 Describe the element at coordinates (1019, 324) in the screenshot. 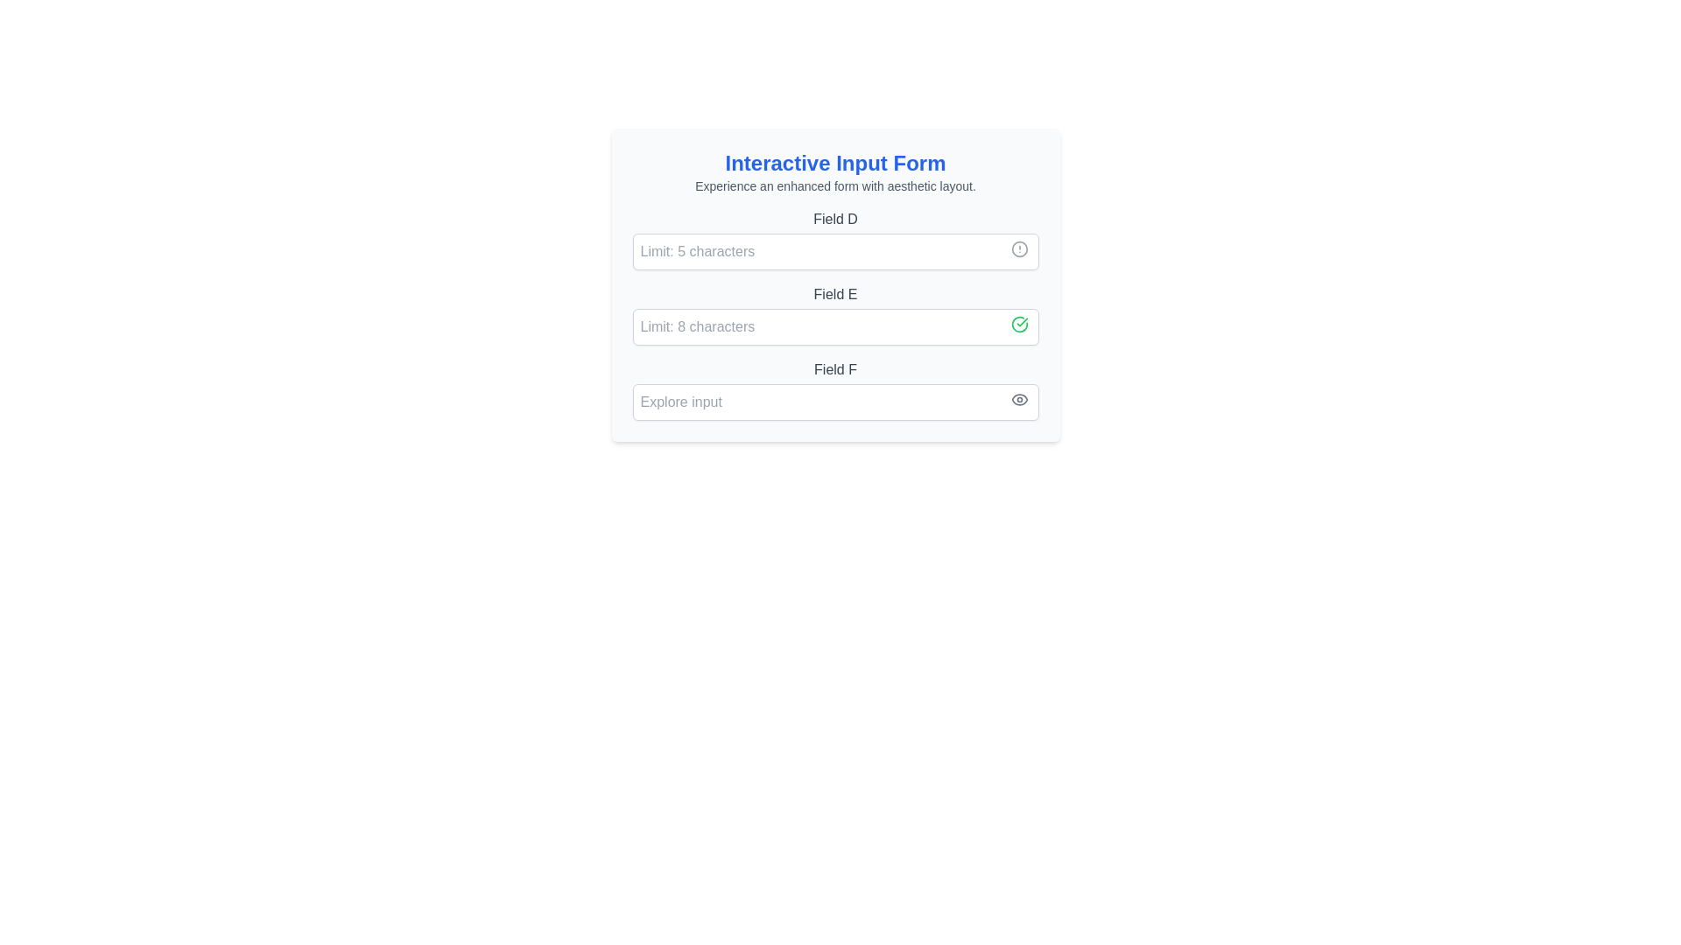

I see `the validity indicator icon located to the right of the 'Field E' input field, which visually communicates the correctness of the associated input` at that location.